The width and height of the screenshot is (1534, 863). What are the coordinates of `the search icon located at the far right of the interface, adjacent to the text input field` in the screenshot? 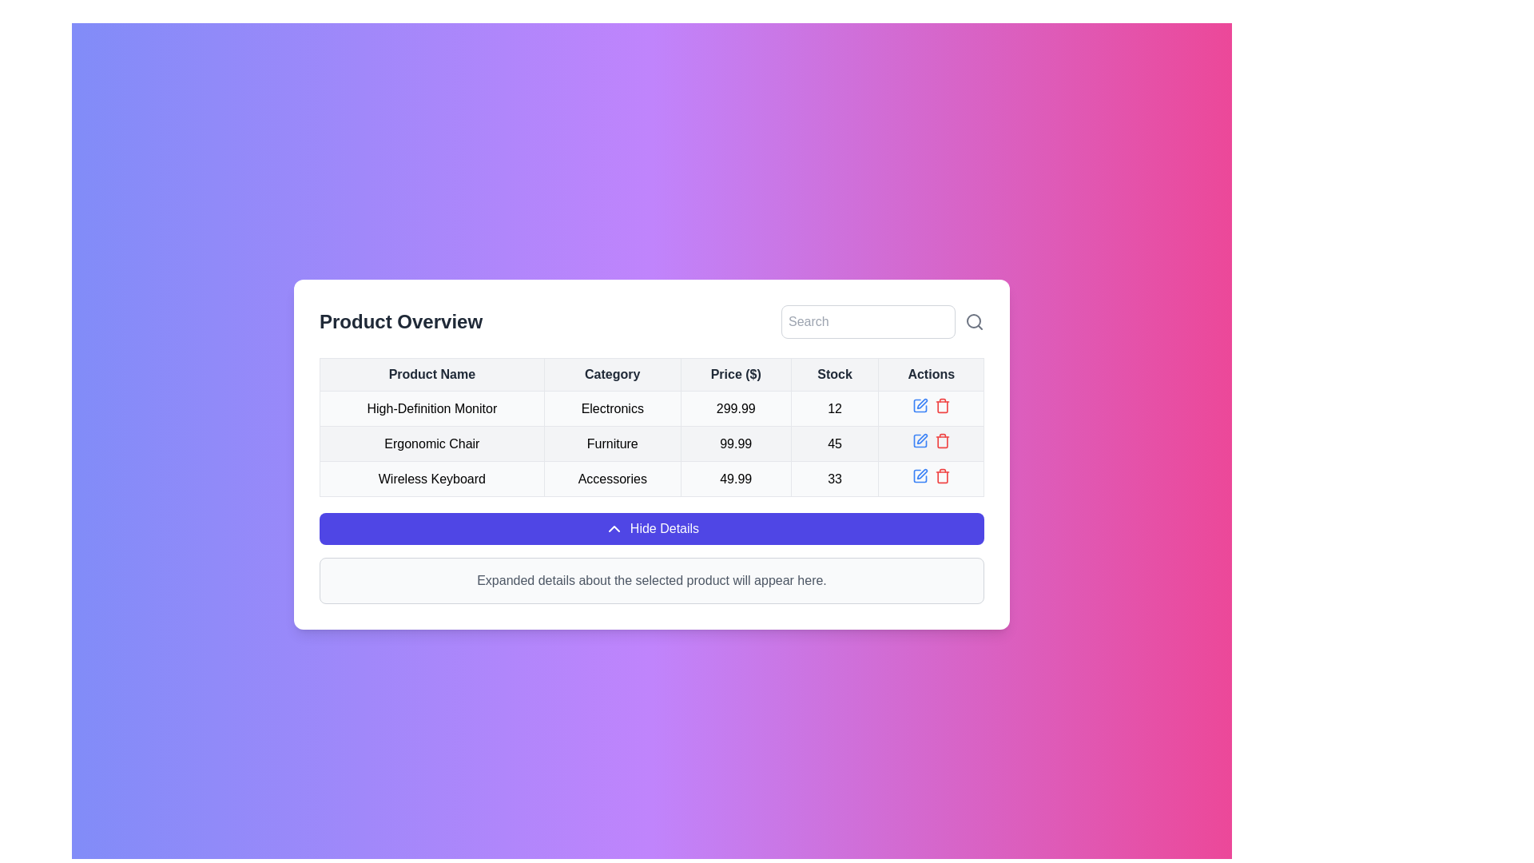 It's located at (973, 321).